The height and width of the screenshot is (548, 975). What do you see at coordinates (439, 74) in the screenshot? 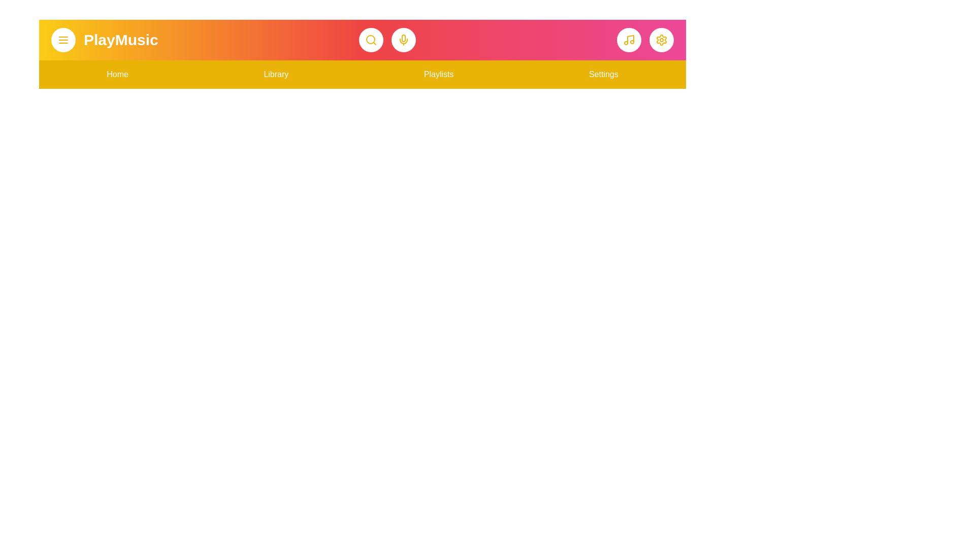
I see `the menu item to navigate to Playlists` at bounding box center [439, 74].